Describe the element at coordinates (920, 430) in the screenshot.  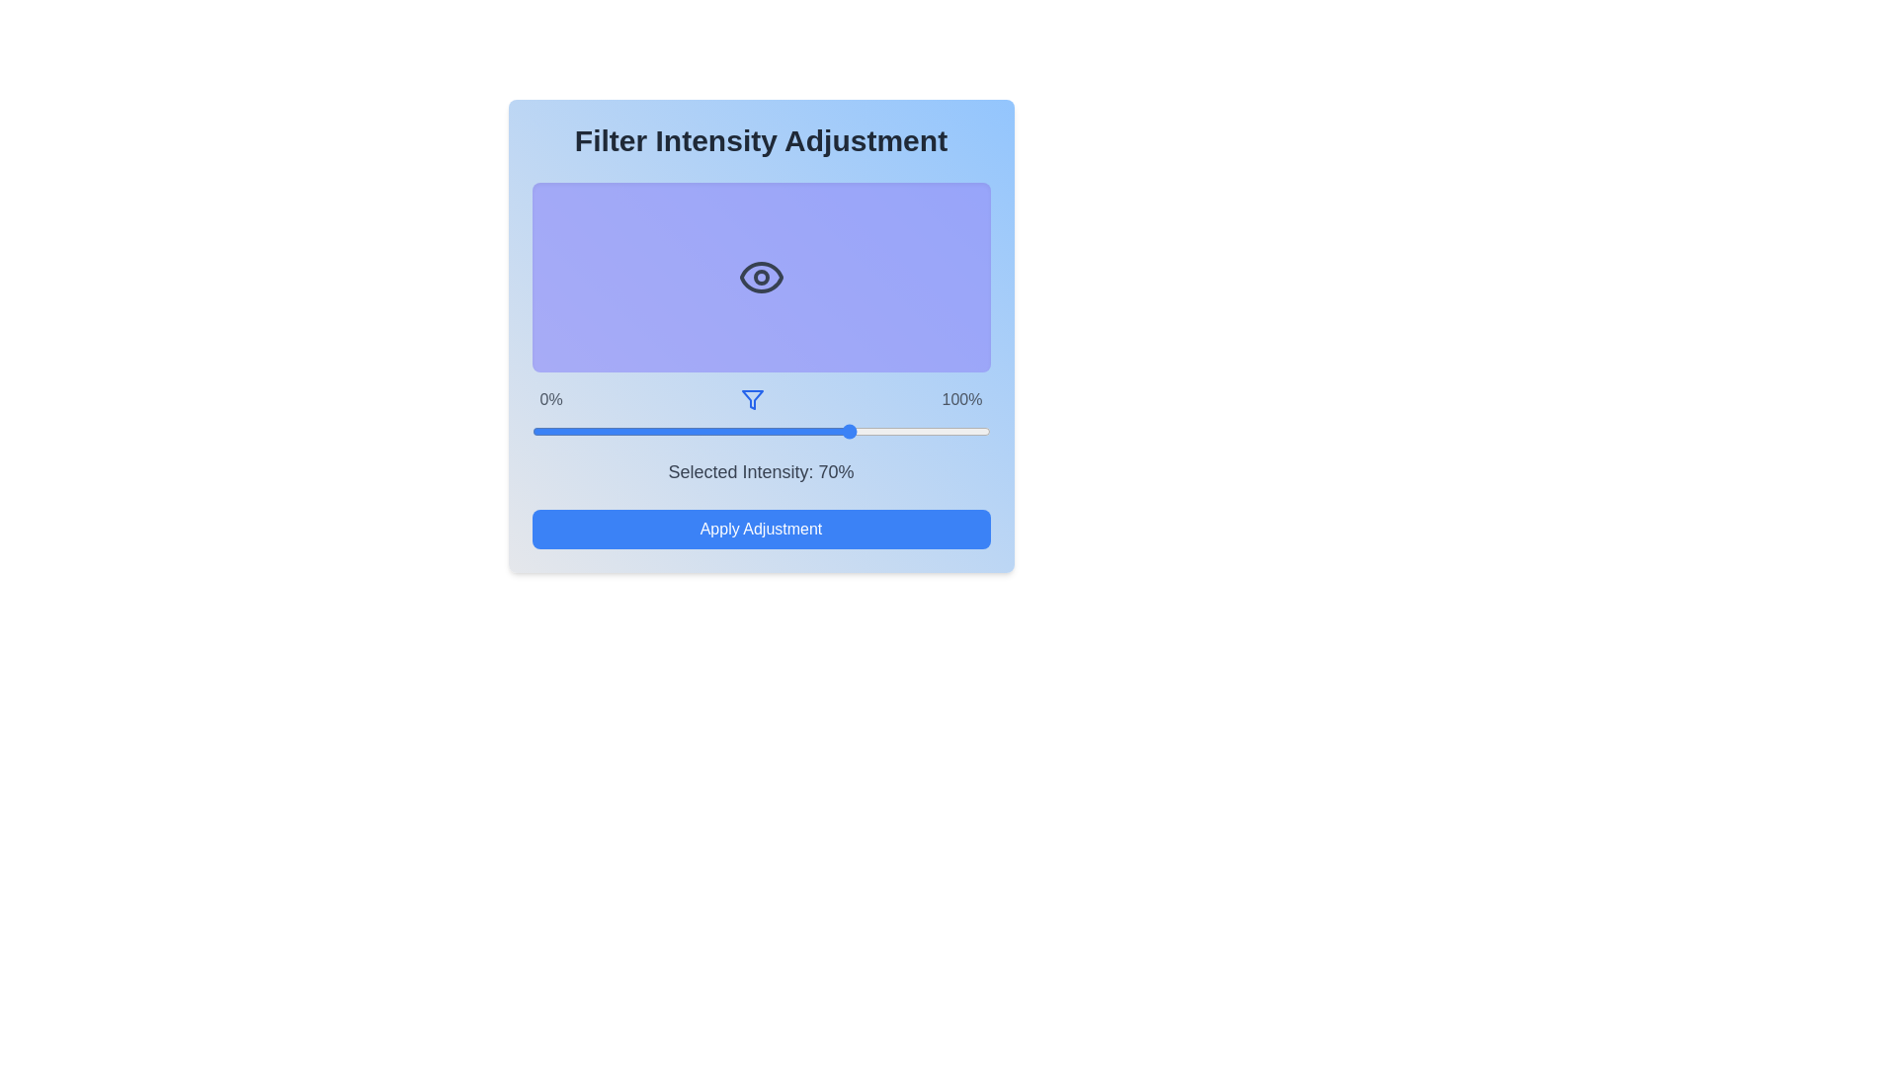
I see `the filter intensity slider to 85% and observe the visual representation` at that location.